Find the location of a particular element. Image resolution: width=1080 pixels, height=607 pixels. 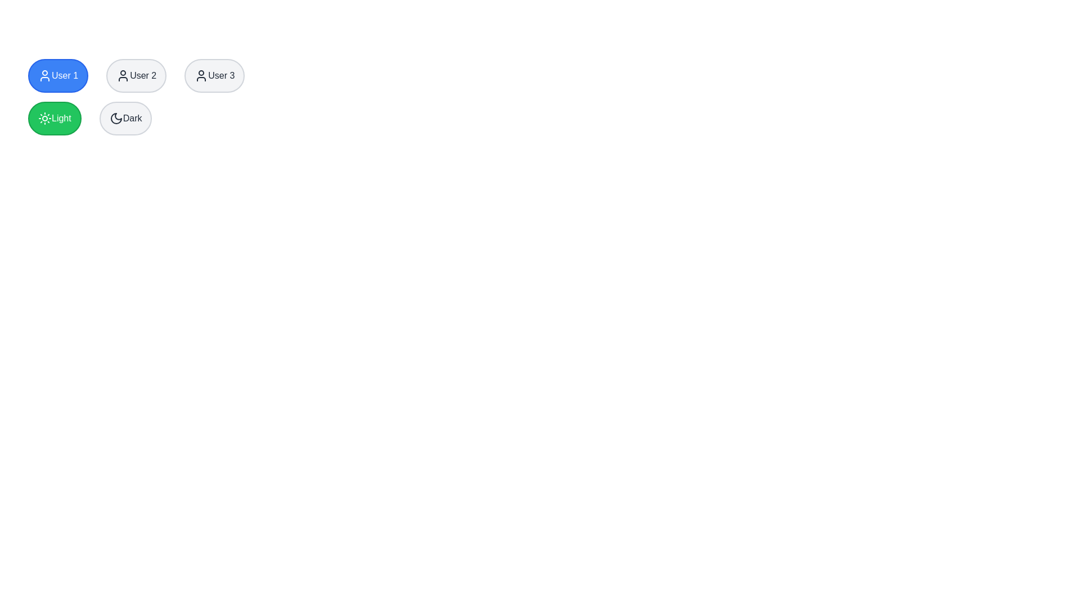

the user profile icon located at the center-top region of the button labeled 'User 3', situated in the top-right corner of the interface is located at coordinates (201, 76).